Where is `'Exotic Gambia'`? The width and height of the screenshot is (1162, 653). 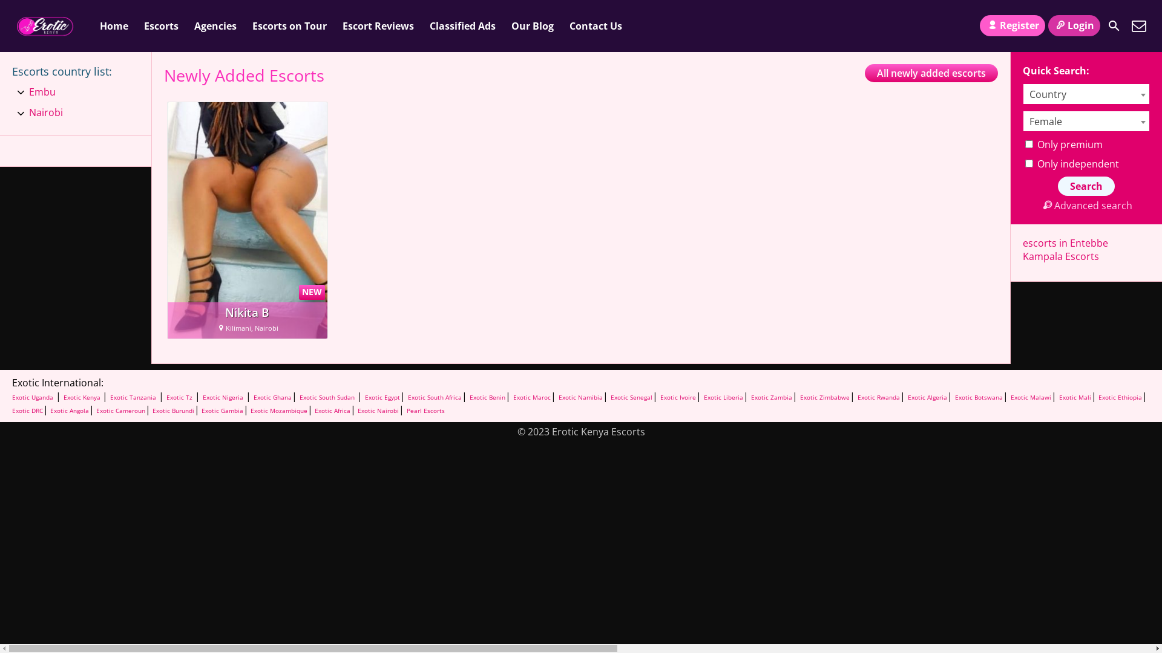
'Exotic Gambia' is located at coordinates (221, 409).